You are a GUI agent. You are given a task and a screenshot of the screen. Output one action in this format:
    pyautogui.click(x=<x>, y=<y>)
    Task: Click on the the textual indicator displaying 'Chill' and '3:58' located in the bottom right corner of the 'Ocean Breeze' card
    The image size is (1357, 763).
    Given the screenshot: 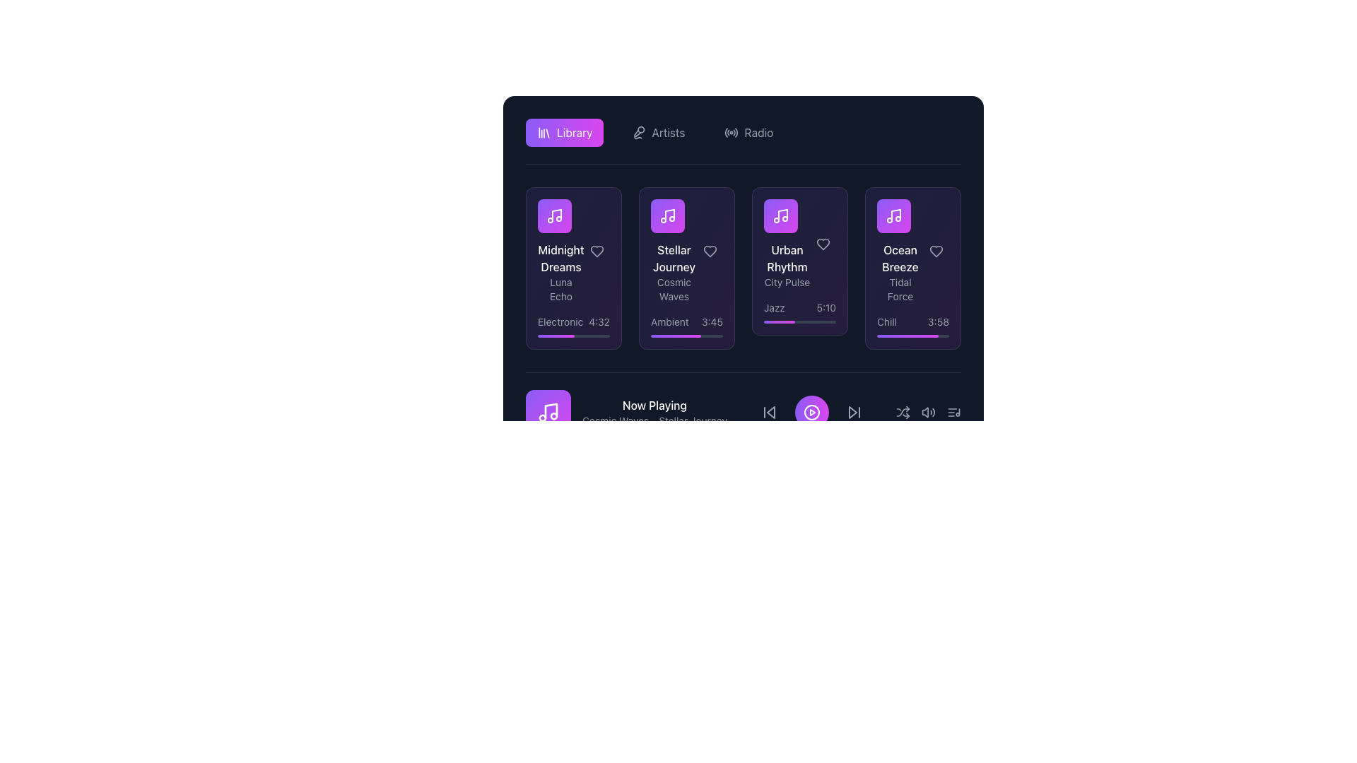 What is the action you would take?
    pyautogui.click(x=912, y=321)
    